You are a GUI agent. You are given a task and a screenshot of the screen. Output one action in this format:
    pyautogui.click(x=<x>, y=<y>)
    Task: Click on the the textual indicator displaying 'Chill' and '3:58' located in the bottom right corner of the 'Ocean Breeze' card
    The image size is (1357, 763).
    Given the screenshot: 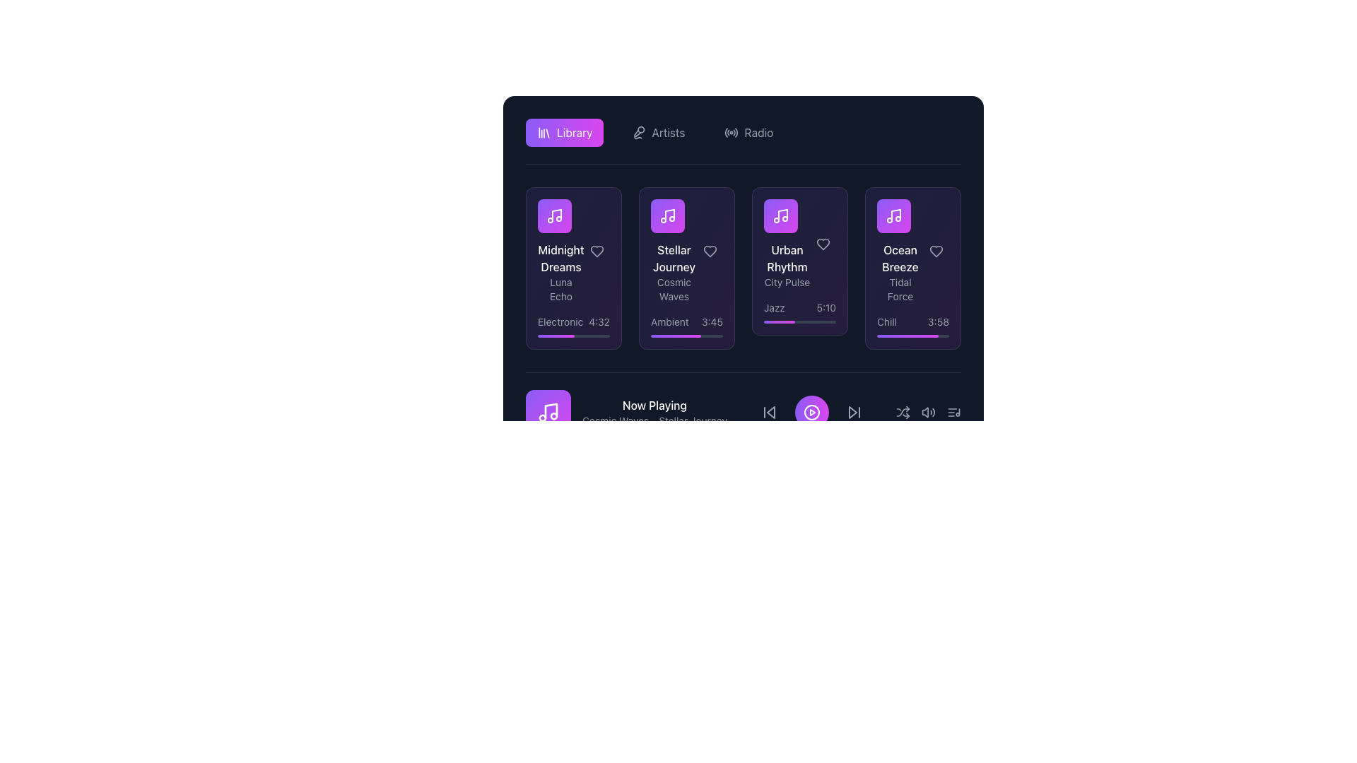 What is the action you would take?
    pyautogui.click(x=912, y=321)
    